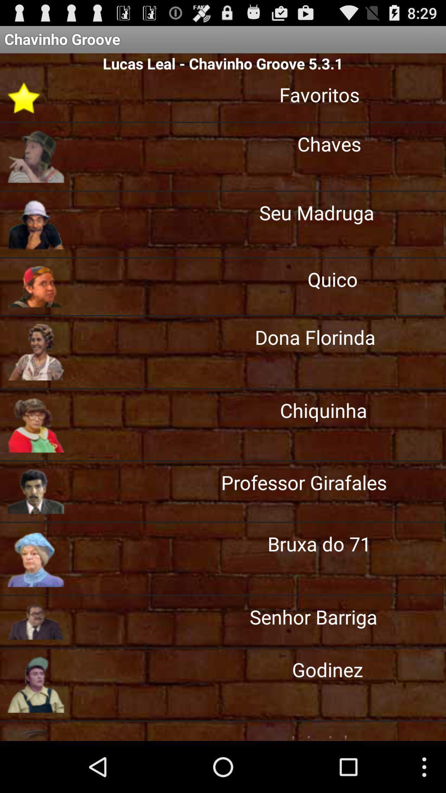 The height and width of the screenshot is (793, 446). I want to click on the image which is to the left side of the senhor barriga, so click(36, 622).